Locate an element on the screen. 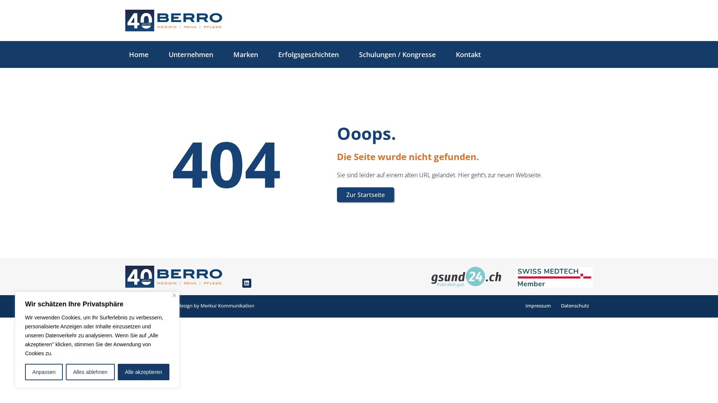 The image size is (718, 403). 'Zur Startseite' is located at coordinates (365, 194).